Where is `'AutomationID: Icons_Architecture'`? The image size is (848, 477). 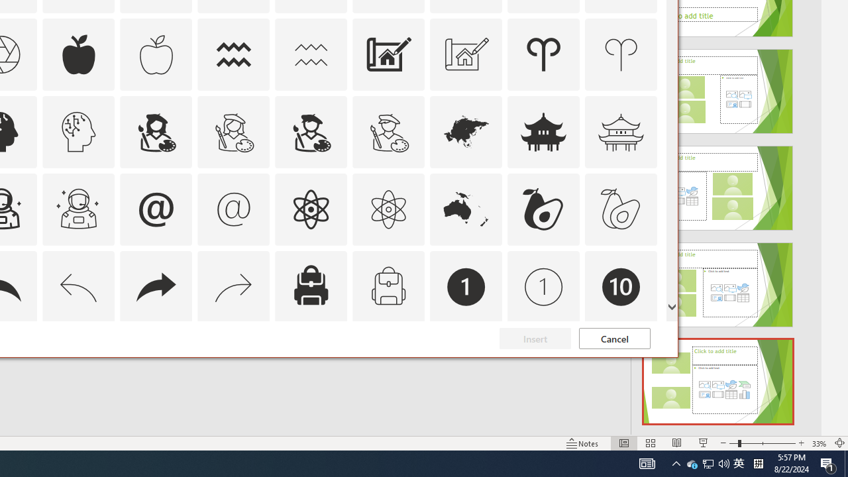
'AutomationID: Icons_Architecture' is located at coordinates (388, 54).